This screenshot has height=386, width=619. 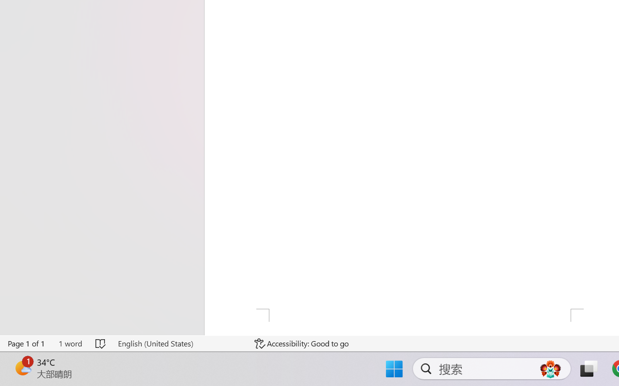 What do you see at coordinates (179, 343) in the screenshot?
I see `'Language English (United States)'` at bounding box center [179, 343].